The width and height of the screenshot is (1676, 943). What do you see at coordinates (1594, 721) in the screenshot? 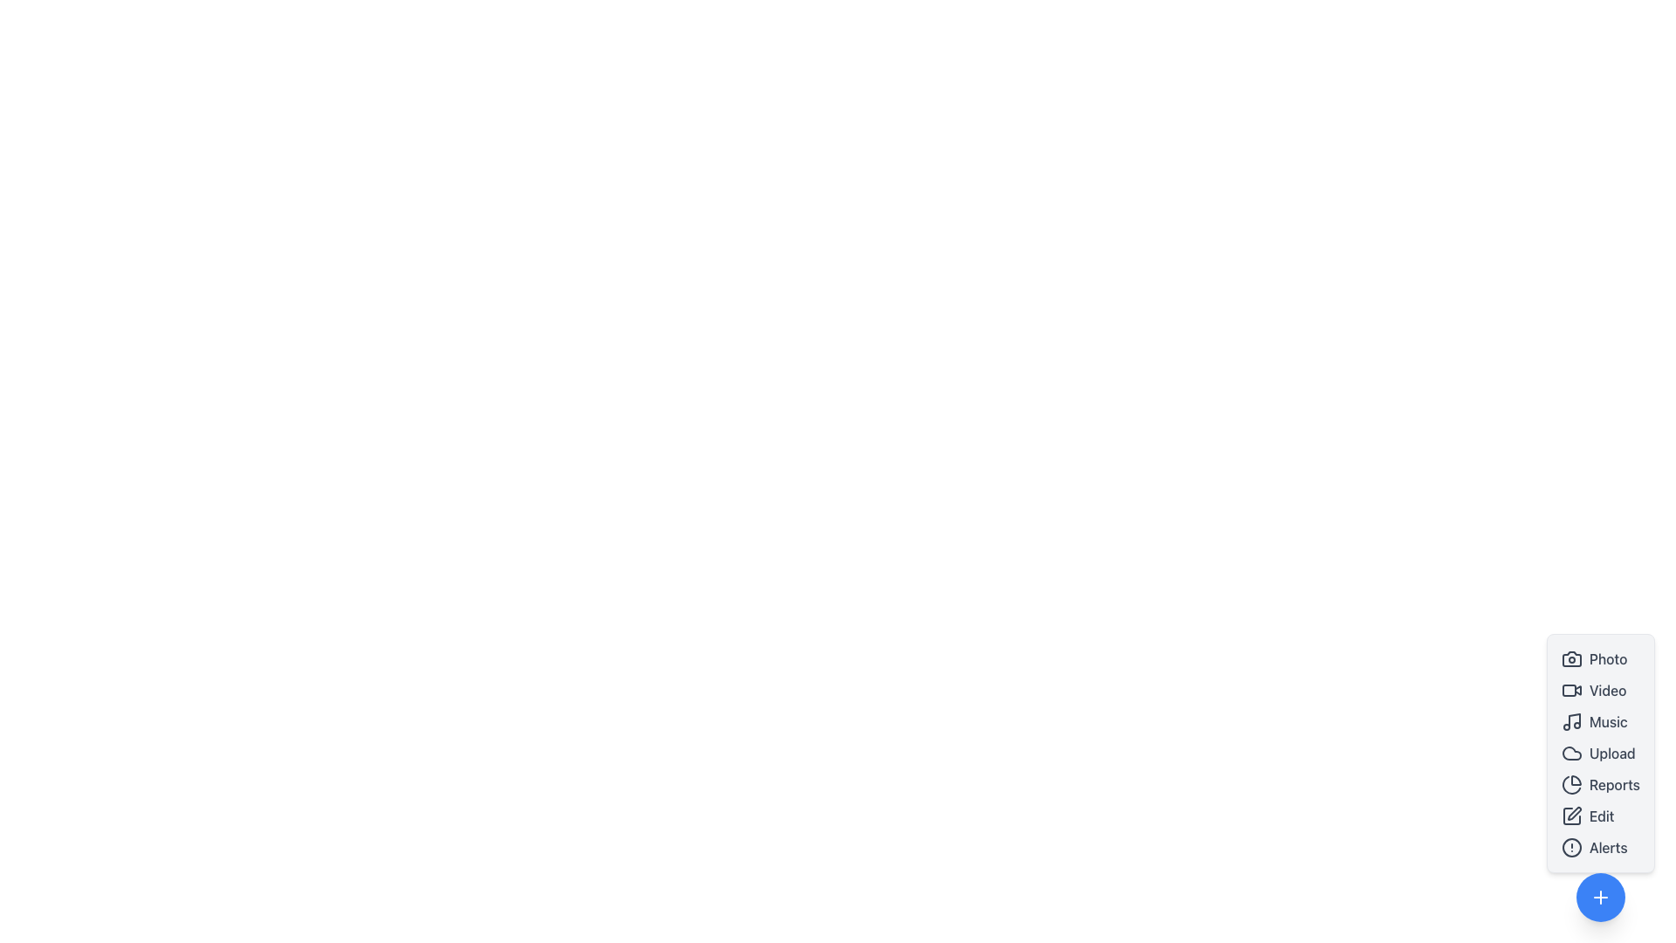
I see `the music feature button located between the 'Video' button above and the 'Upload' button below` at bounding box center [1594, 721].